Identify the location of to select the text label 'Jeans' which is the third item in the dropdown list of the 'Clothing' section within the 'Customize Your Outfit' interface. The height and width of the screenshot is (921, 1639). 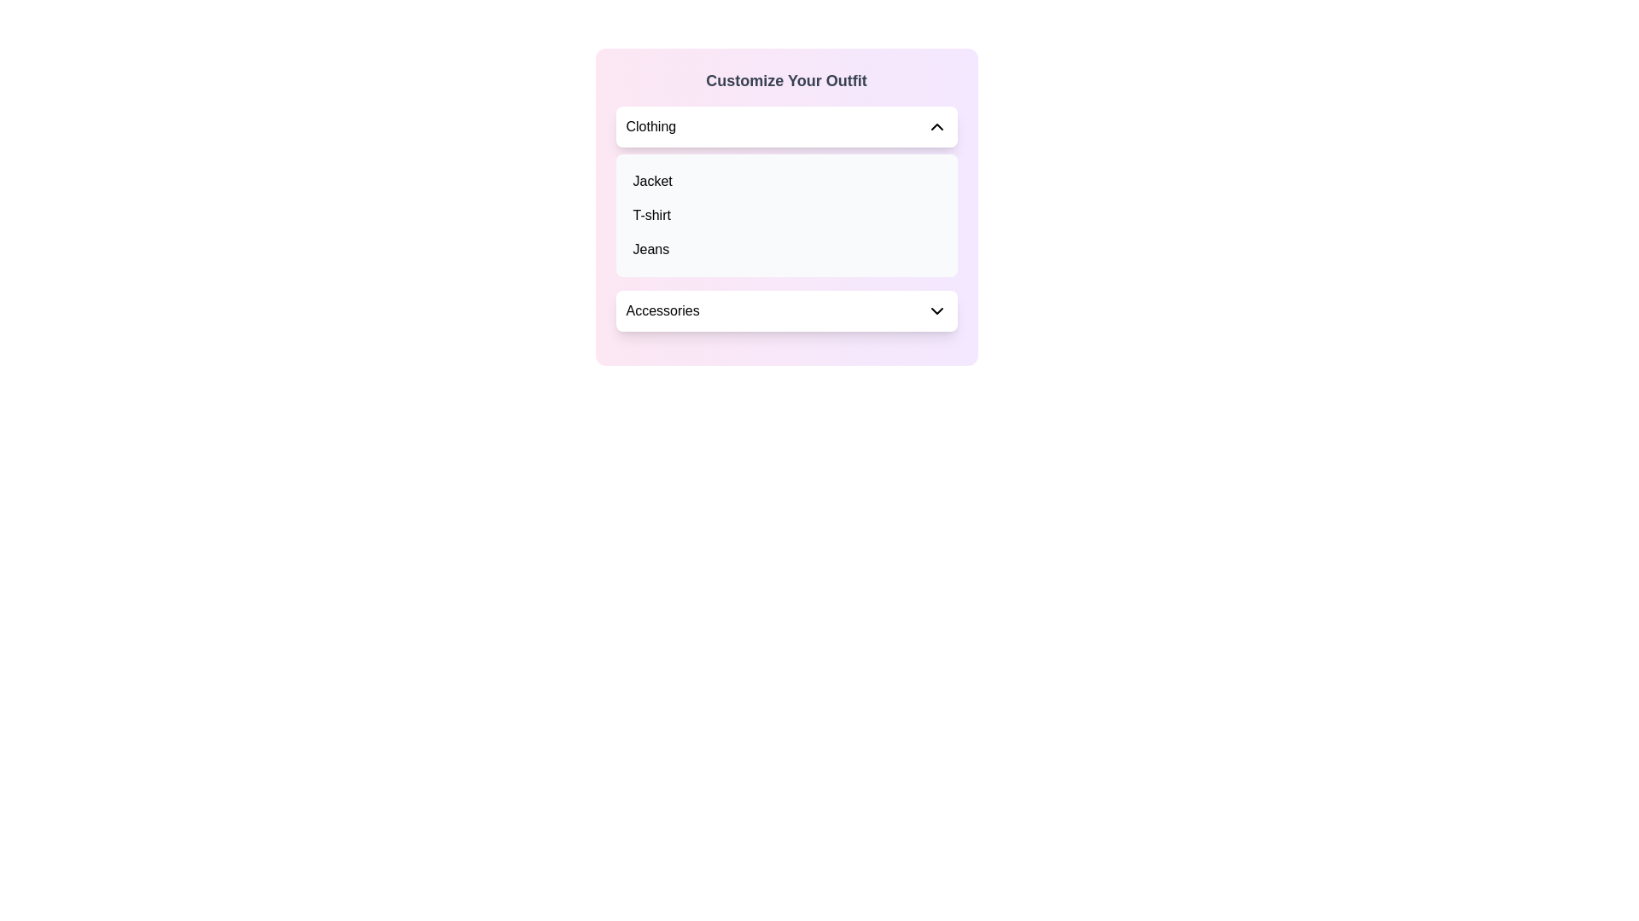
(650, 250).